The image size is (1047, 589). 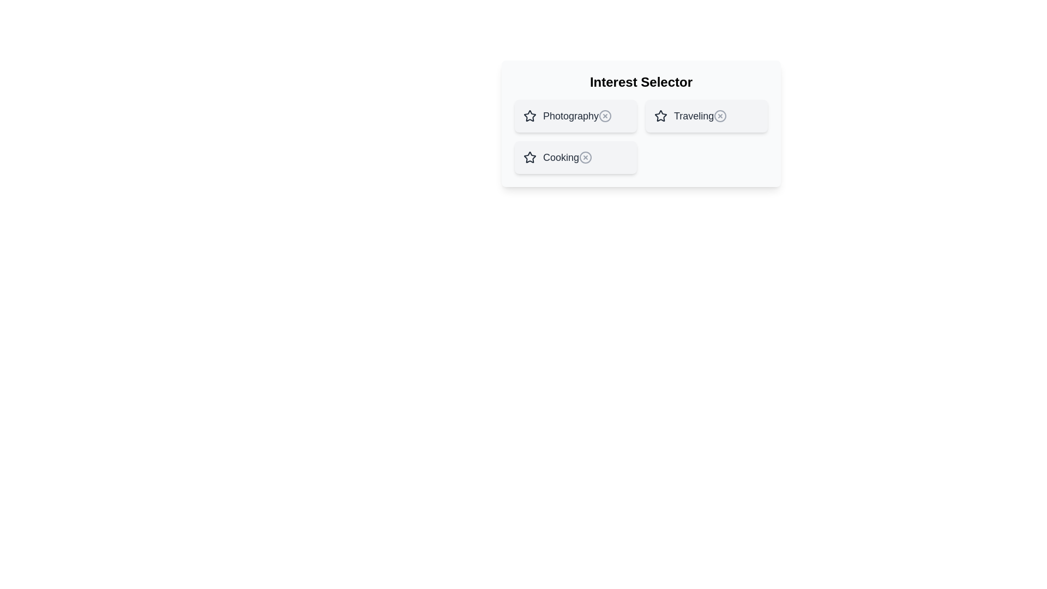 What do you see at coordinates (575, 116) in the screenshot?
I see `the item named Photography to observe its hover effect` at bounding box center [575, 116].